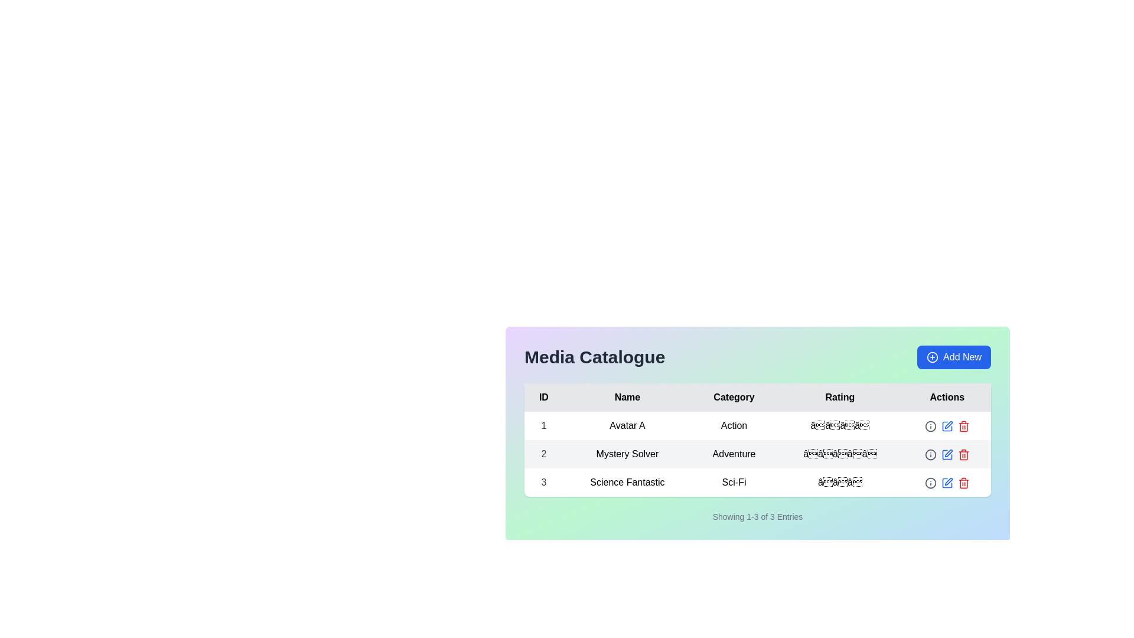  I want to click on the red trash bin icon in the 'Actions' column of the third row, so click(963, 483).